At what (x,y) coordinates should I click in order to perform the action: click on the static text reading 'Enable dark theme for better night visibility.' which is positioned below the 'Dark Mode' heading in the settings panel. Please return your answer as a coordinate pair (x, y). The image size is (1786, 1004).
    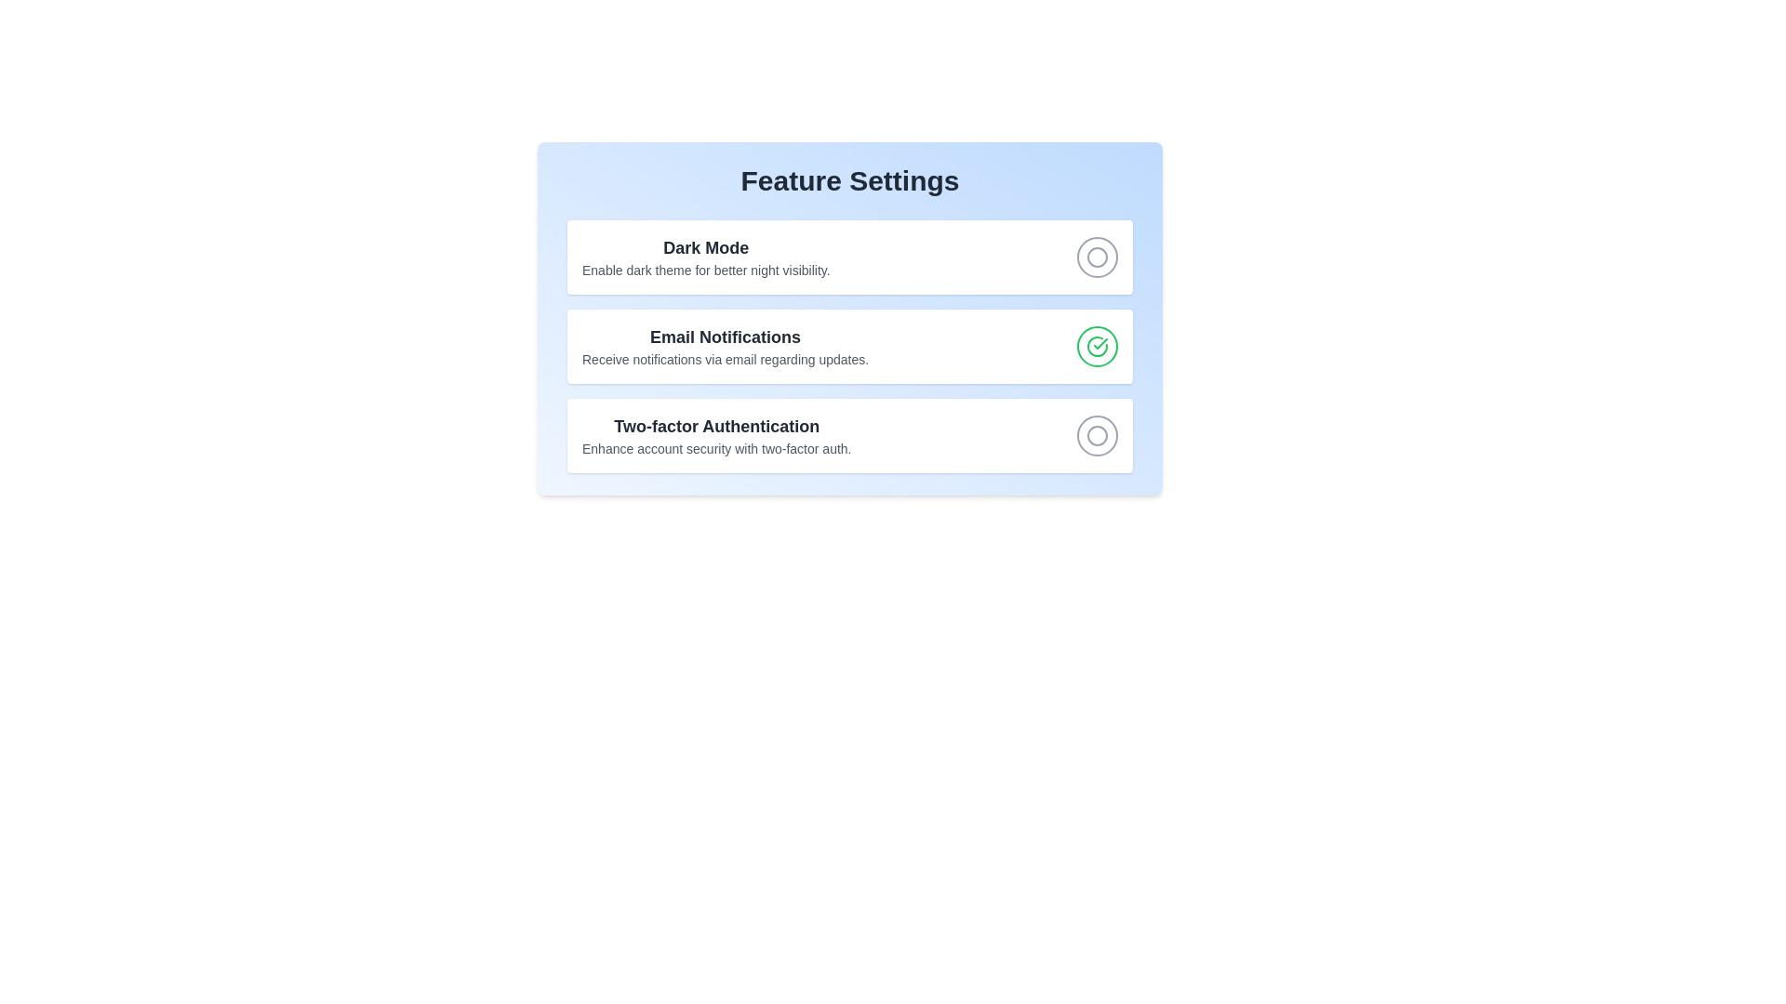
    Looking at the image, I should click on (705, 270).